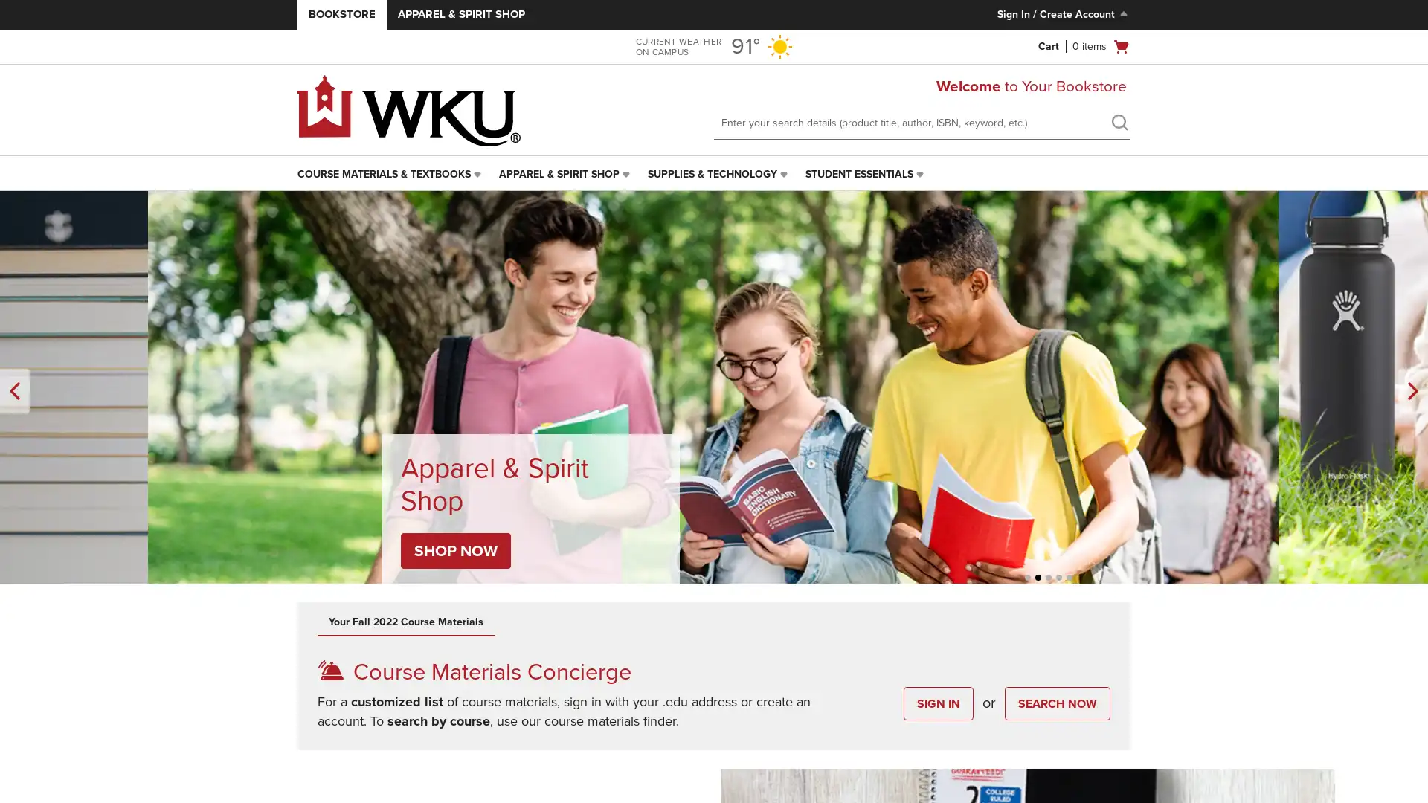 This screenshot has width=1428, height=803. What do you see at coordinates (1058, 576) in the screenshot?
I see `Unselected, Slide 4` at bounding box center [1058, 576].